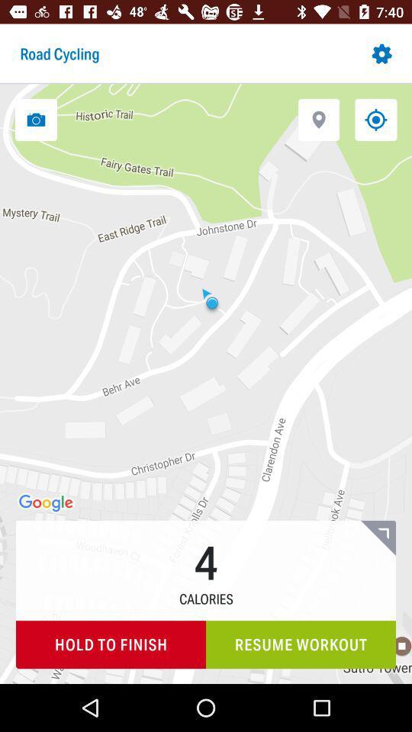 The width and height of the screenshot is (412, 732). What do you see at coordinates (36, 119) in the screenshot?
I see `the photo icon` at bounding box center [36, 119].